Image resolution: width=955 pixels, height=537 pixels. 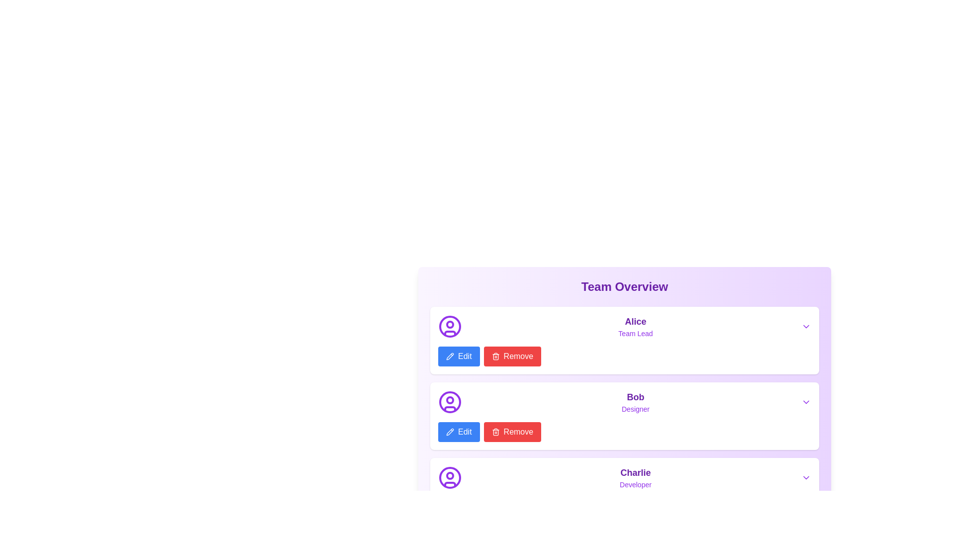 What do you see at coordinates (450, 356) in the screenshot?
I see `the 'Edit' button for 'Bob' in the 'Team Overview' section by clicking on the associated icon` at bounding box center [450, 356].